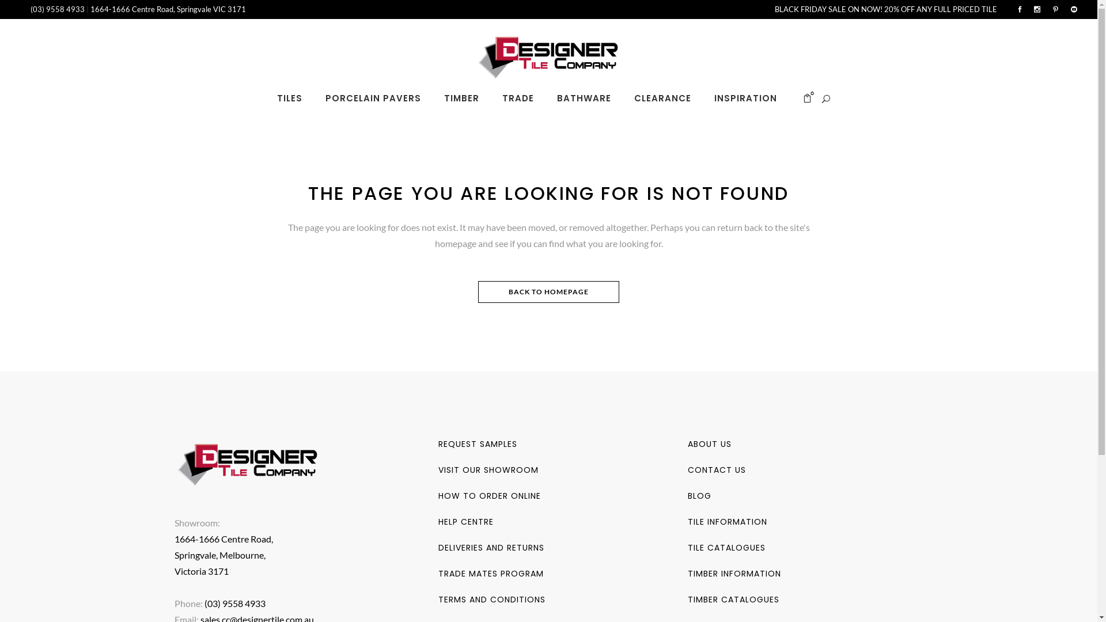 The image size is (1106, 622). What do you see at coordinates (478, 443) in the screenshot?
I see `'REQUEST SAMPLES'` at bounding box center [478, 443].